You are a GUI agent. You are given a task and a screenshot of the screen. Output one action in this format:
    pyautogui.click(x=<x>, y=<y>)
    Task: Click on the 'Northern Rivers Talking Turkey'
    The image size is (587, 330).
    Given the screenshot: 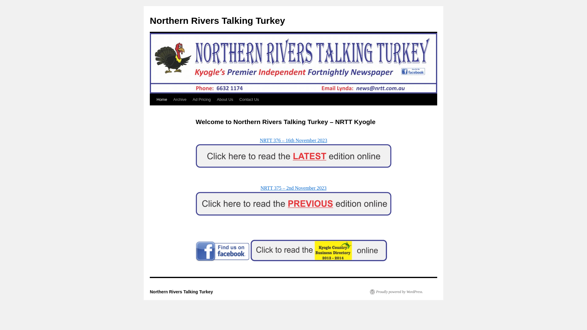 What is the action you would take?
    pyautogui.click(x=217, y=20)
    